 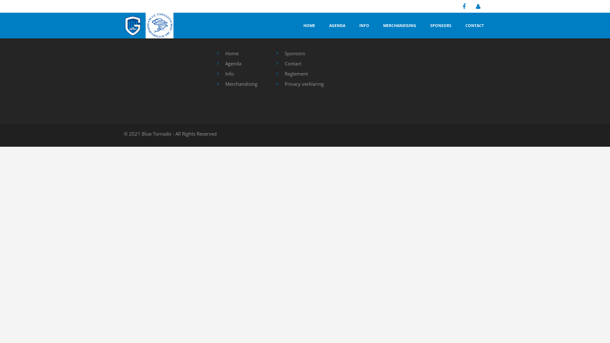 I want to click on 'AGENDA', so click(x=337, y=25).